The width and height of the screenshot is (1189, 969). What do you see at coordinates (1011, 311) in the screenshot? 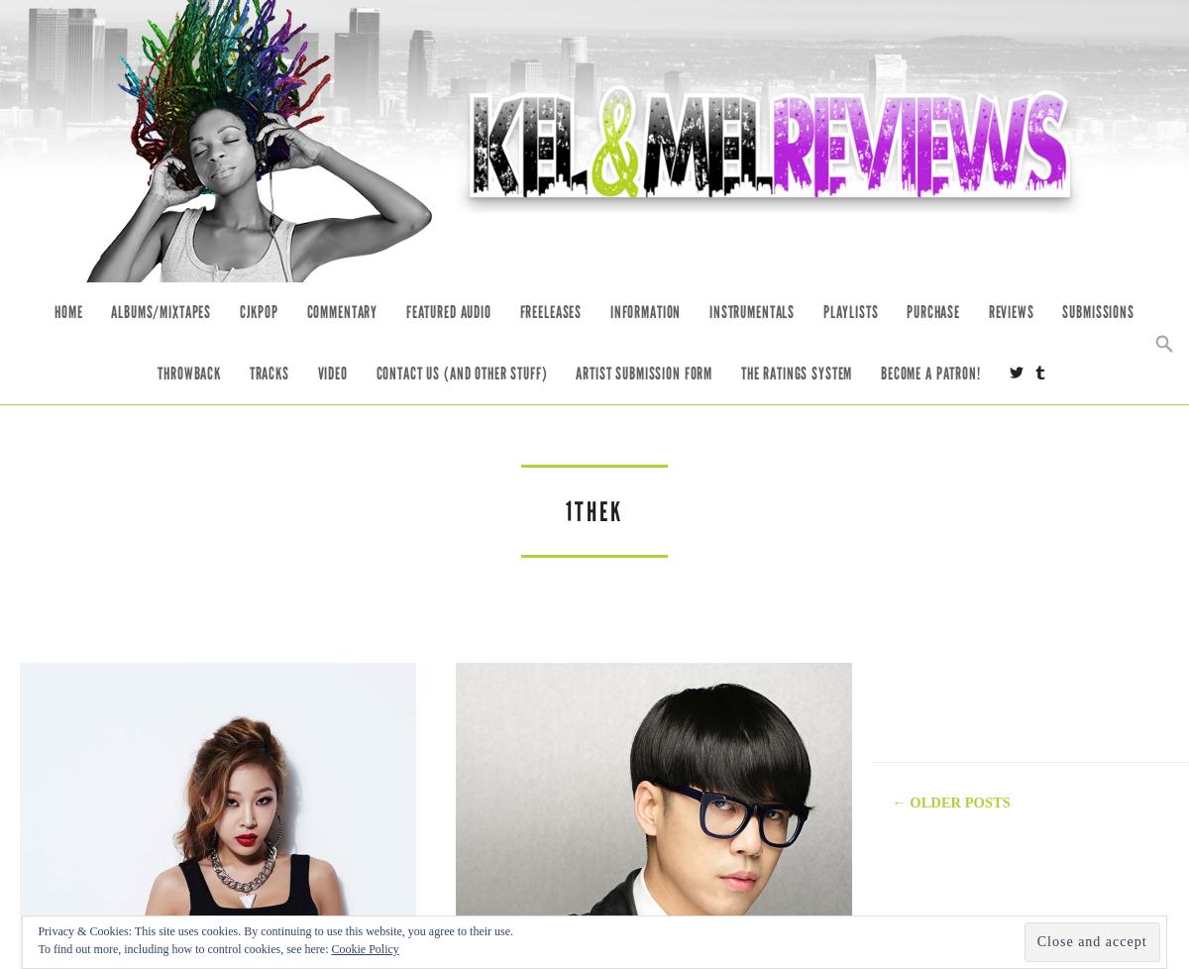
I see `'Reviews'` at bounding box center [1011, 311].